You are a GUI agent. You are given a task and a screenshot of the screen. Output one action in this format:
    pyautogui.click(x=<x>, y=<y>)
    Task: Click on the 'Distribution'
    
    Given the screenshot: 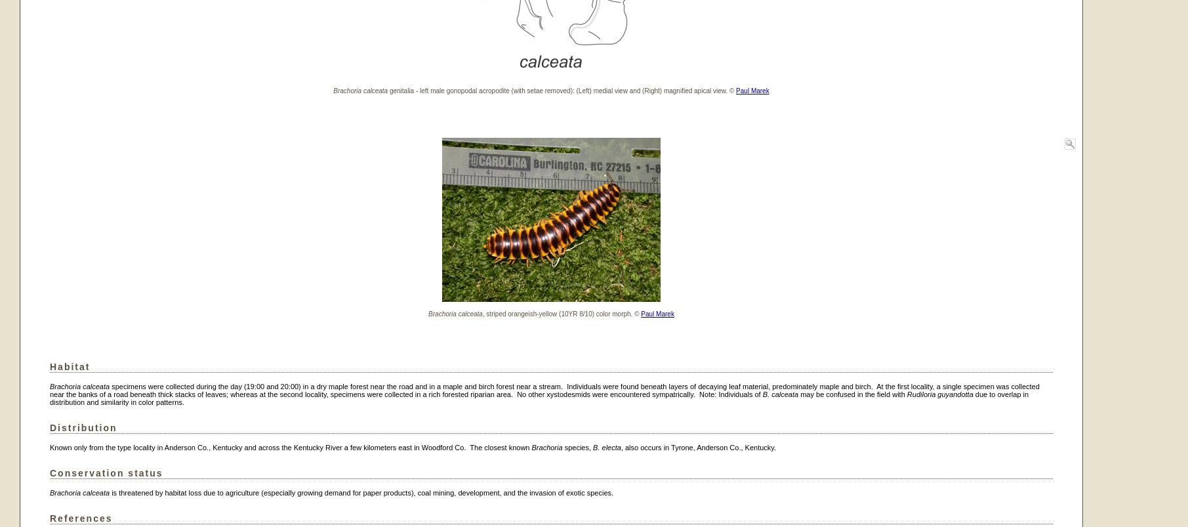 What is the action you would take?
    pyautogui.click(x=82, y=427)
    